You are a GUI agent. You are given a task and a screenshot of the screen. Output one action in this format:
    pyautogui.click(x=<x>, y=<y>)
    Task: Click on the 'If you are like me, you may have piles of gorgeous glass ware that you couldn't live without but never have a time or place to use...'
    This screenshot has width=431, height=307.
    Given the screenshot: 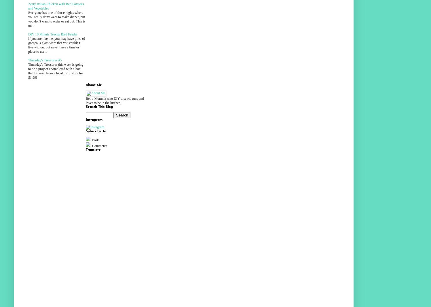 What is the action you would take?
    pyautogui.click(x=56, y=45)
    